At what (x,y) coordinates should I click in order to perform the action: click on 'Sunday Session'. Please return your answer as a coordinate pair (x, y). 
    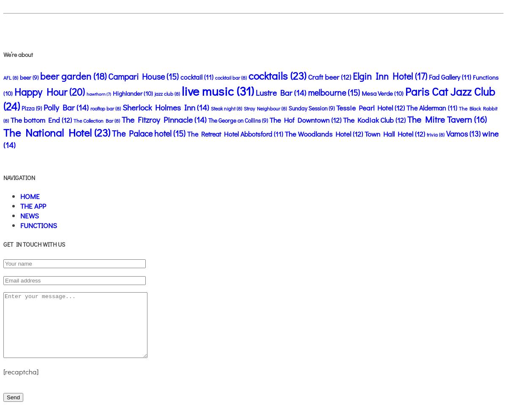
    Looking at the image, I should click on (308, 108).